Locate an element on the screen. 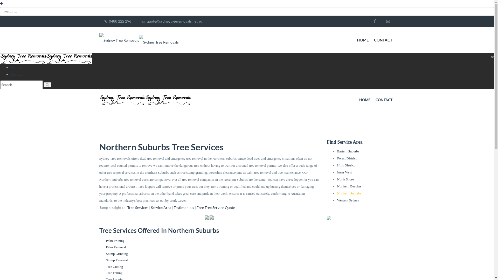  'Palm Removal' is located at coordinates (106, 247).